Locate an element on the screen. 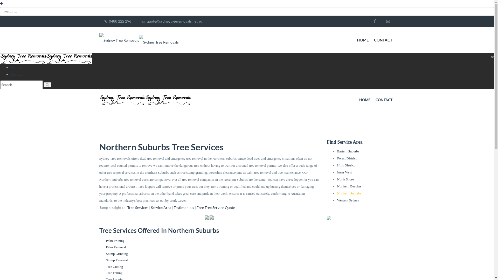  'Palm Removal' is located at coordinates (106, 247).